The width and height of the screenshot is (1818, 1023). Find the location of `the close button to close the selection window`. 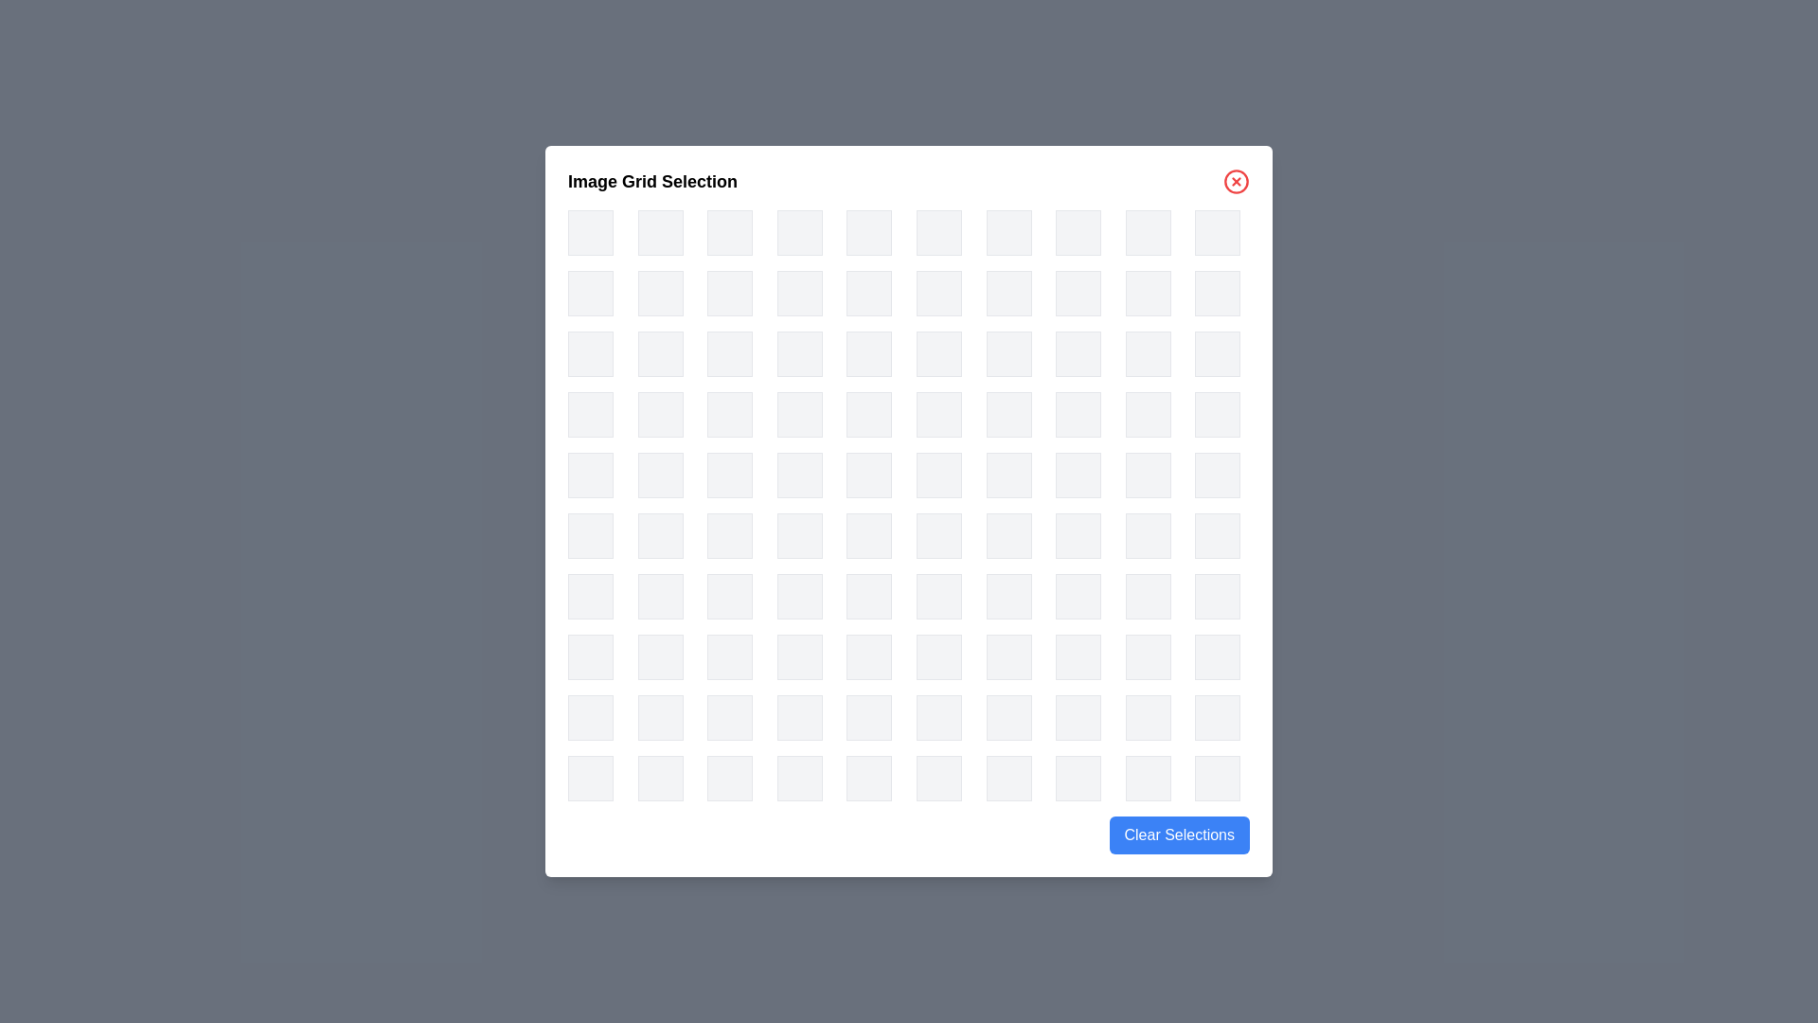

the close button to close the selection window is located at coordinates (1236, 182).